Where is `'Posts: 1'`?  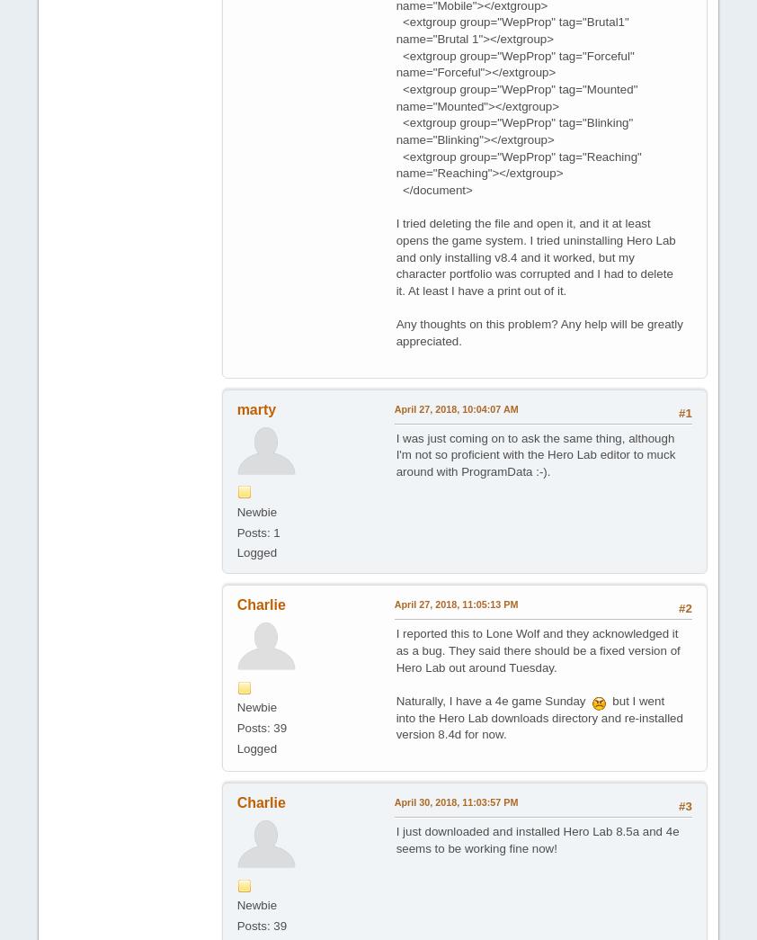 'Posts: 1' is located at coordinates (258, 531).